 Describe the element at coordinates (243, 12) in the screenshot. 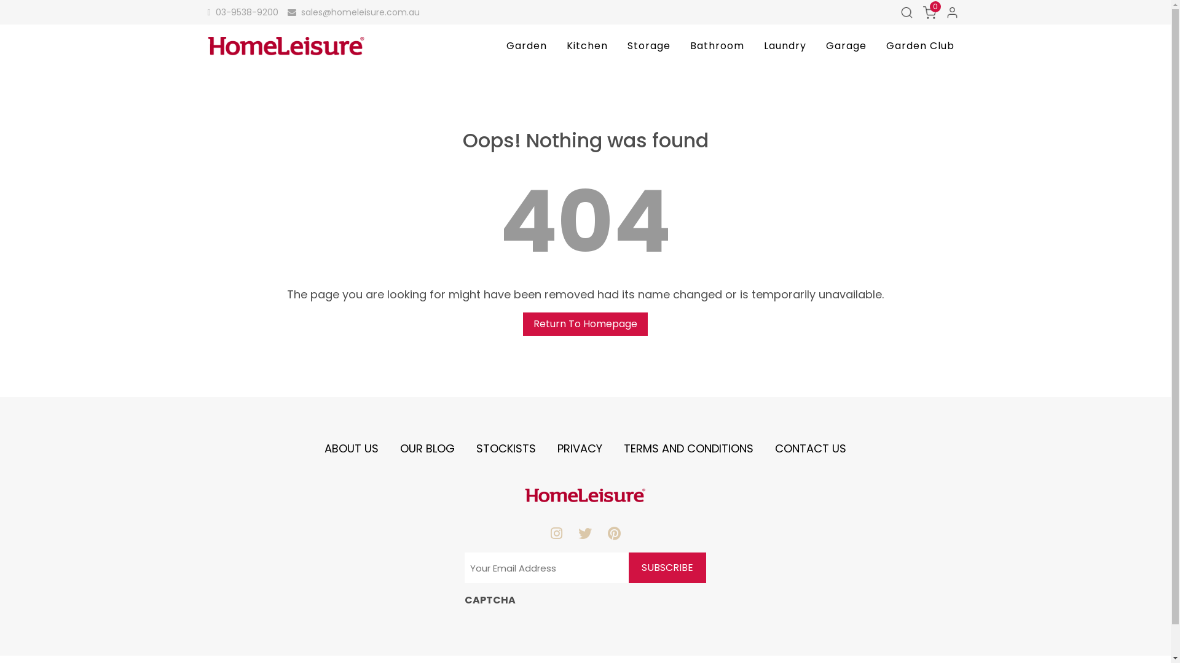

I see `'03-9538-9200'` at that location.